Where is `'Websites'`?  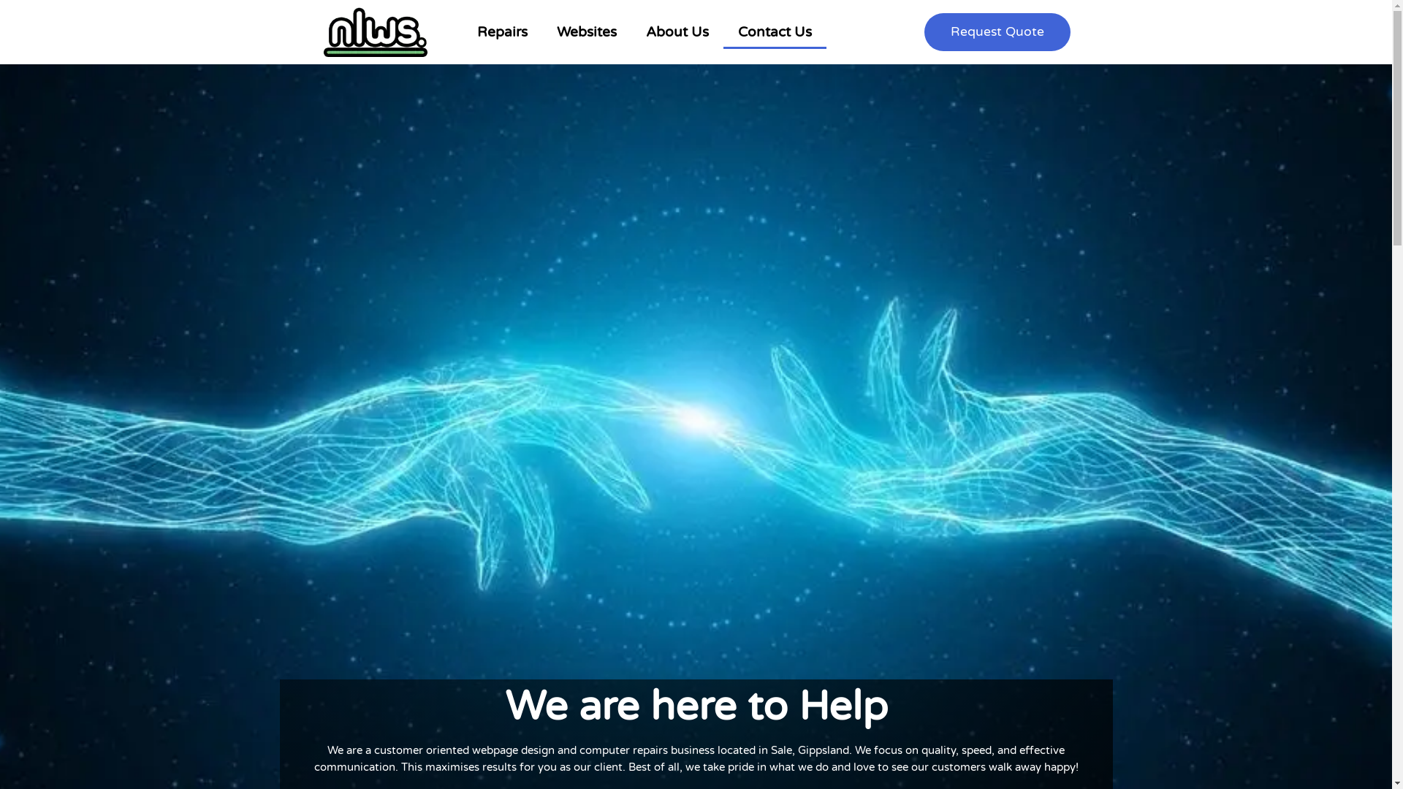 'Websites' is located at coordinates (586, 31).